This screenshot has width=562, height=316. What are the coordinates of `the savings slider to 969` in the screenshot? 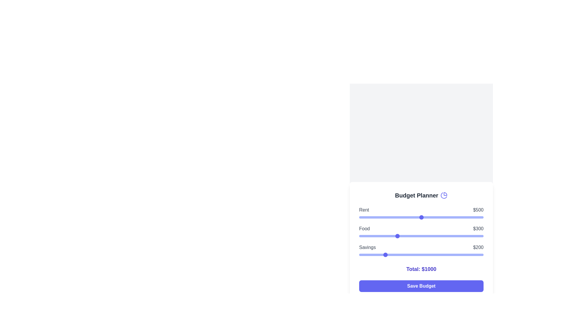 It's located at (479, 255).